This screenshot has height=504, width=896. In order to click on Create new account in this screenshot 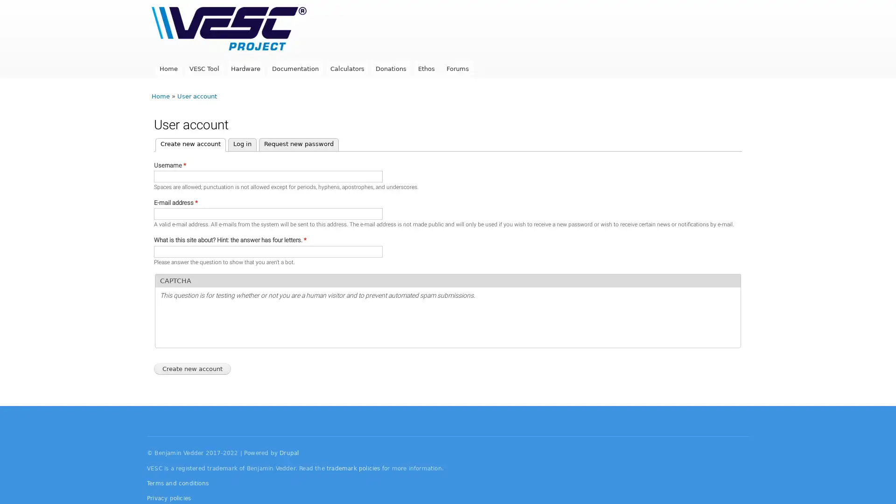, I will do `click(192, 368)`.